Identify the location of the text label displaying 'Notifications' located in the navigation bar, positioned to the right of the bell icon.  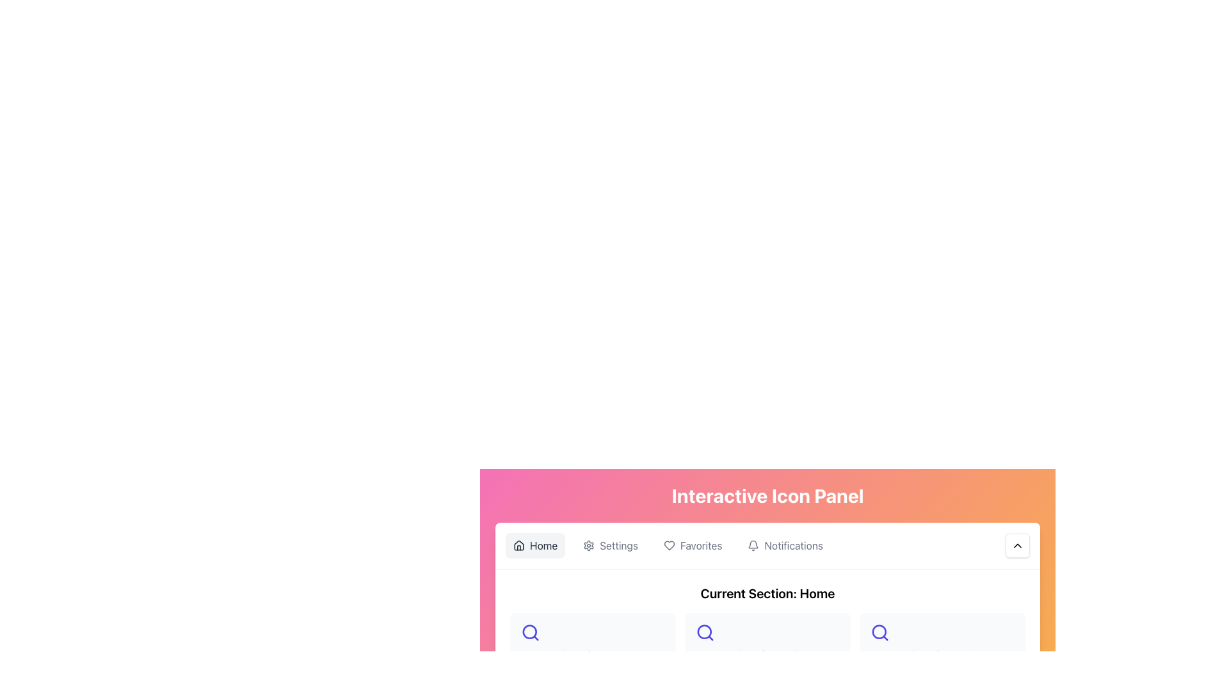
(793, 545).